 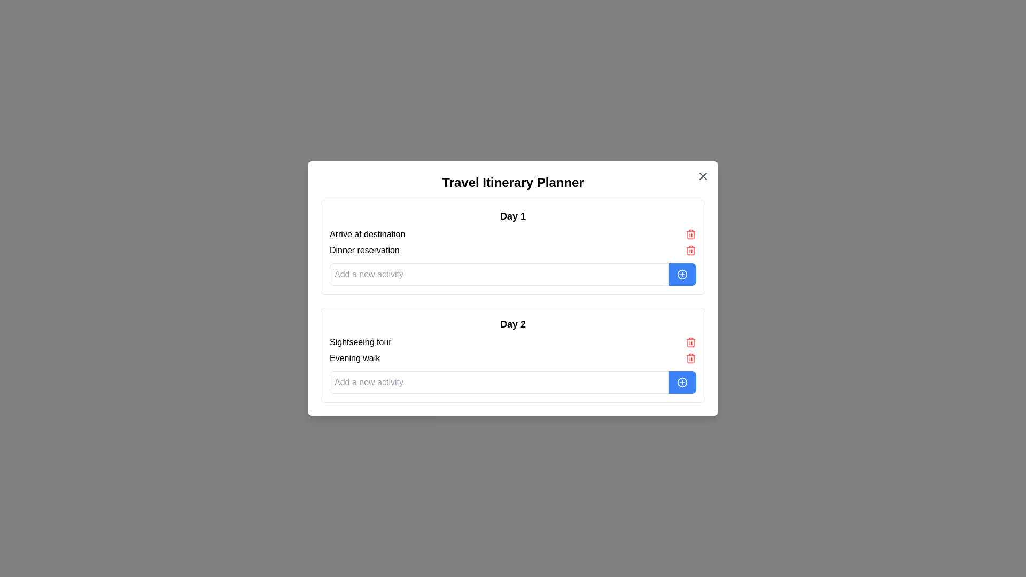 What do you see at coordinates (681, 382) in the screenshot?
I see `the circular blue button with a plus sign, located beside the input field labeled 'Add a new activity' under 'Day 2'` at bounding box center [681, 382].